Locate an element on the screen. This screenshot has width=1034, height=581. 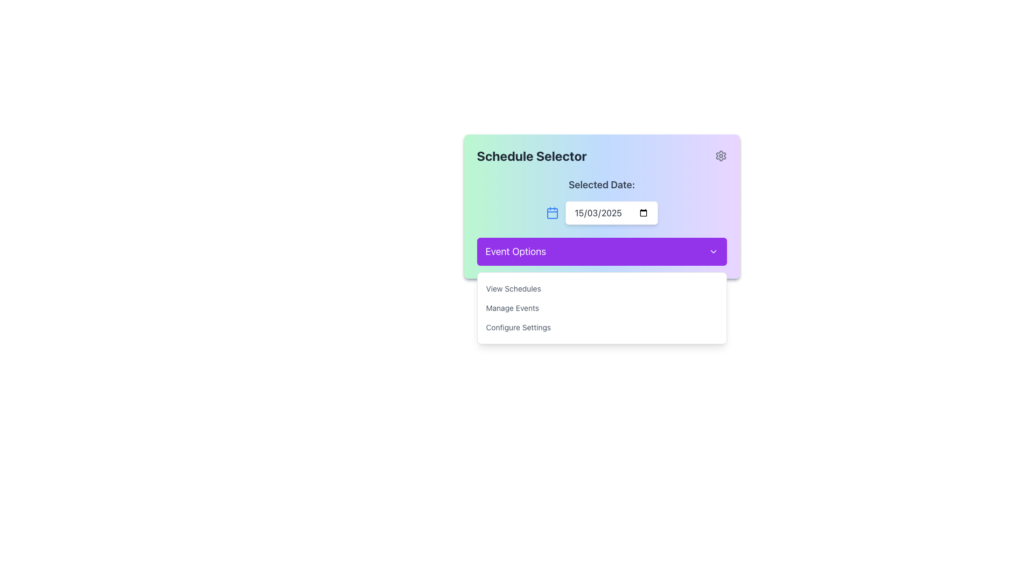
text 'Schedule Selector' which is prominently displayed in bold and large font on the gradient card in the top-left corner of the interface is located at coordinates (532, 155).